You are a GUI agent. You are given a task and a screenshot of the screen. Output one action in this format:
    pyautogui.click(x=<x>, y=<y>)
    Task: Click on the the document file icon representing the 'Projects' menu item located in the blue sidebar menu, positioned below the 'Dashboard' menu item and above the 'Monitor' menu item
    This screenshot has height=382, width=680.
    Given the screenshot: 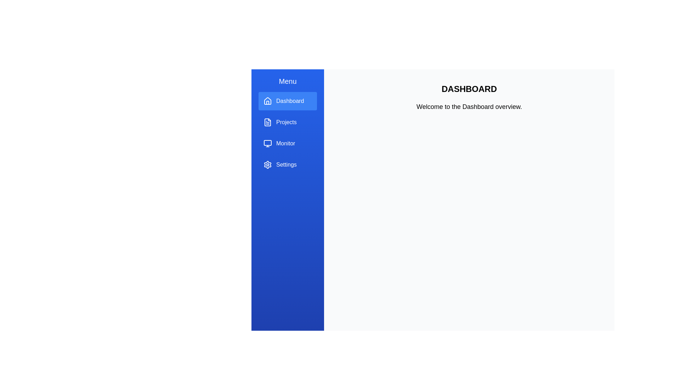 What is the action you would take?
    pyautogui.click(x=267, y=122)
    